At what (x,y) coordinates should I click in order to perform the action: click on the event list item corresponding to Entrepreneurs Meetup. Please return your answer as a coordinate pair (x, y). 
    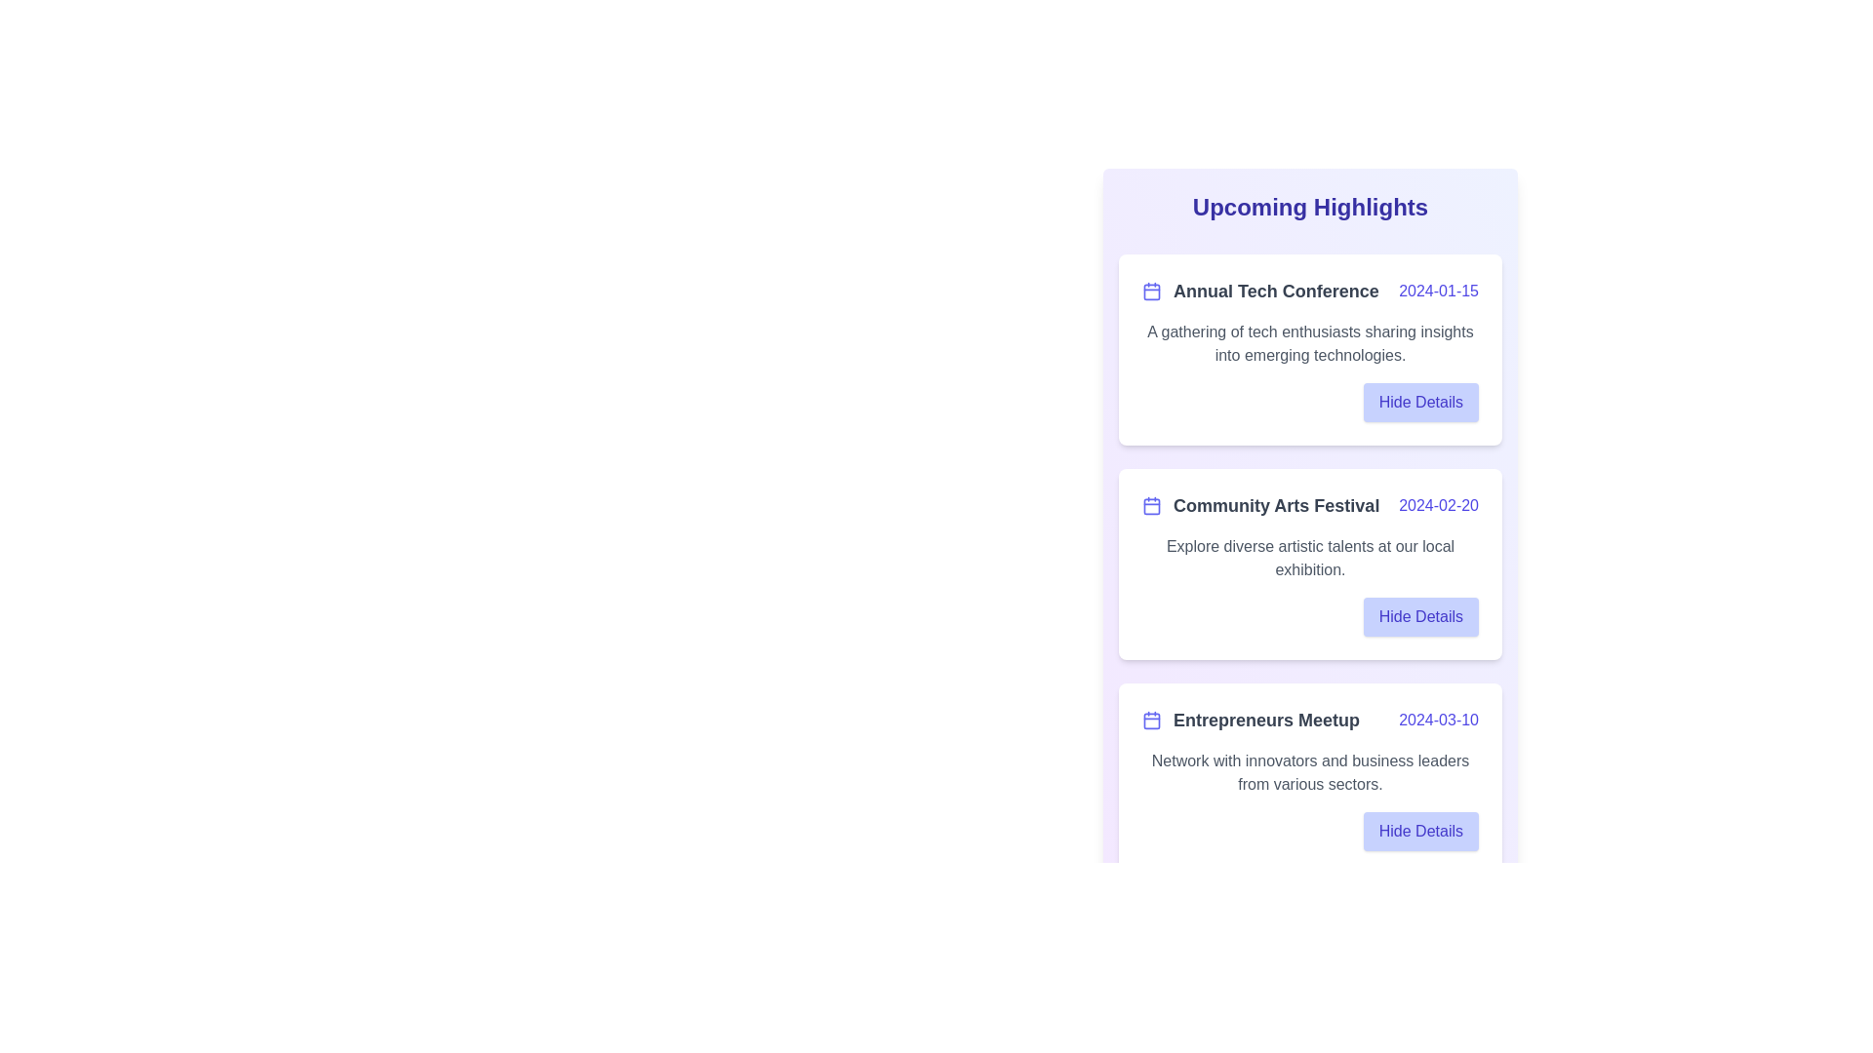
    Looking at the image, I should click on (1310, 777).